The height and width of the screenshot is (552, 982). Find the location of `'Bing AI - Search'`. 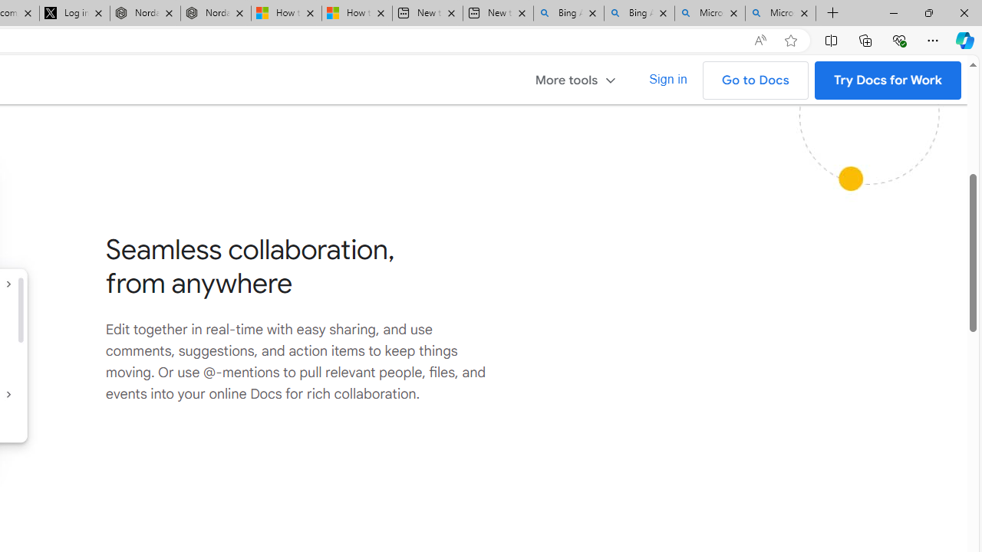

'Bing AI - Search' is located at coordinates (639, 13).